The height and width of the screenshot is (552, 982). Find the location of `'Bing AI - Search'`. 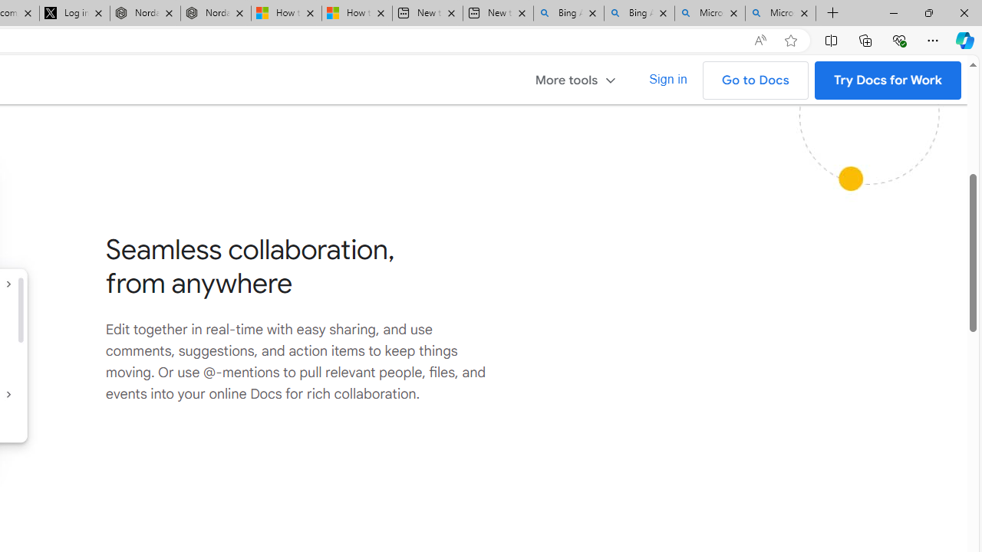

'Bing AI - Search' is located at coordinates (639, 13).